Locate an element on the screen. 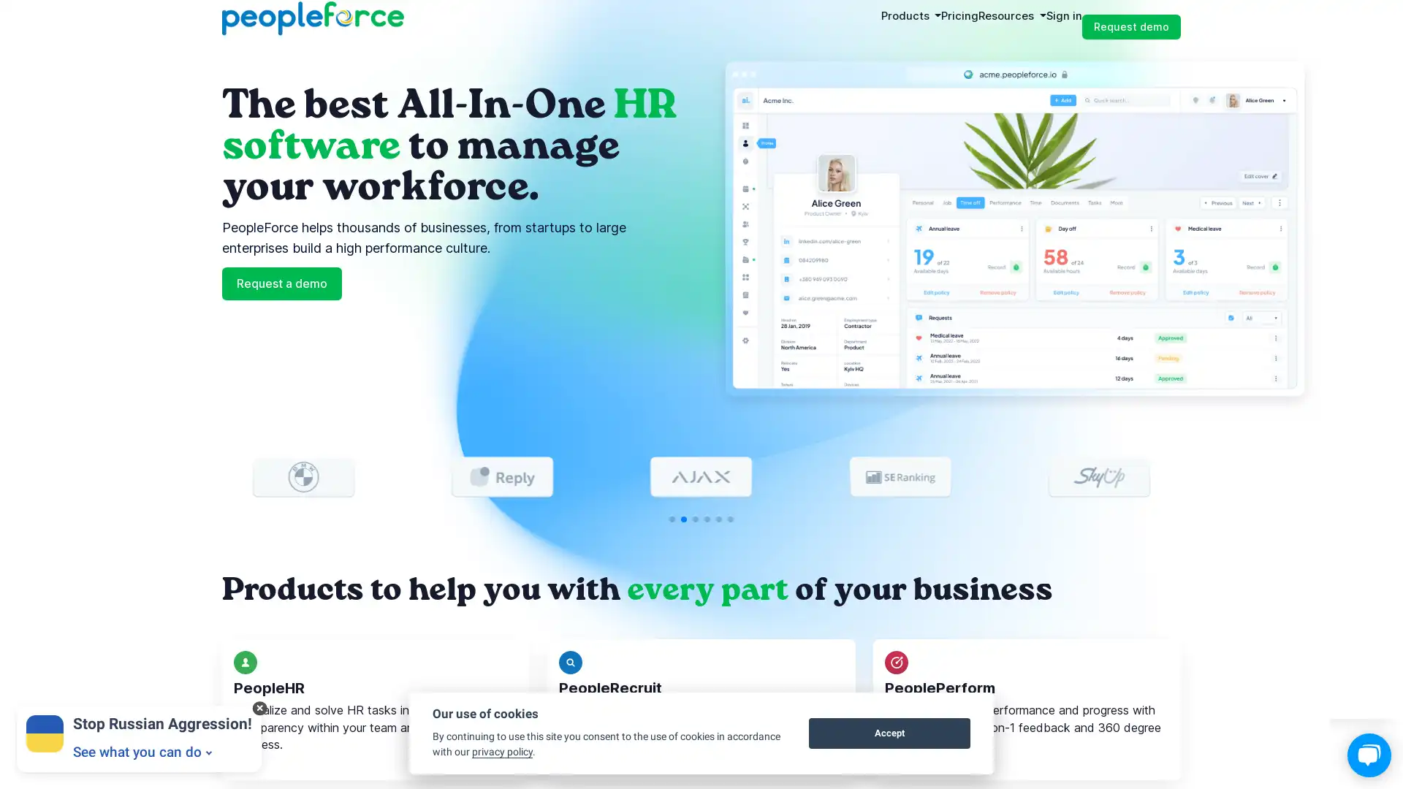 The width and height of the screenshot is (1403, 789). Accept is located at coordinates (889, 733).